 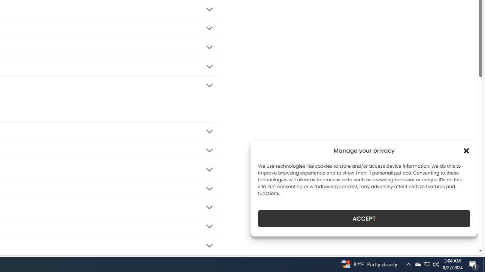 I want to click on 'ACCEPT', so click(x=364, y=218).